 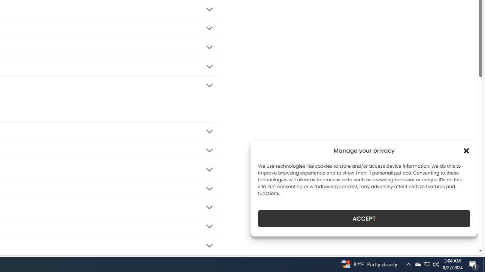 I want to click on 'ACCEPT', so click(x=364, y=218).